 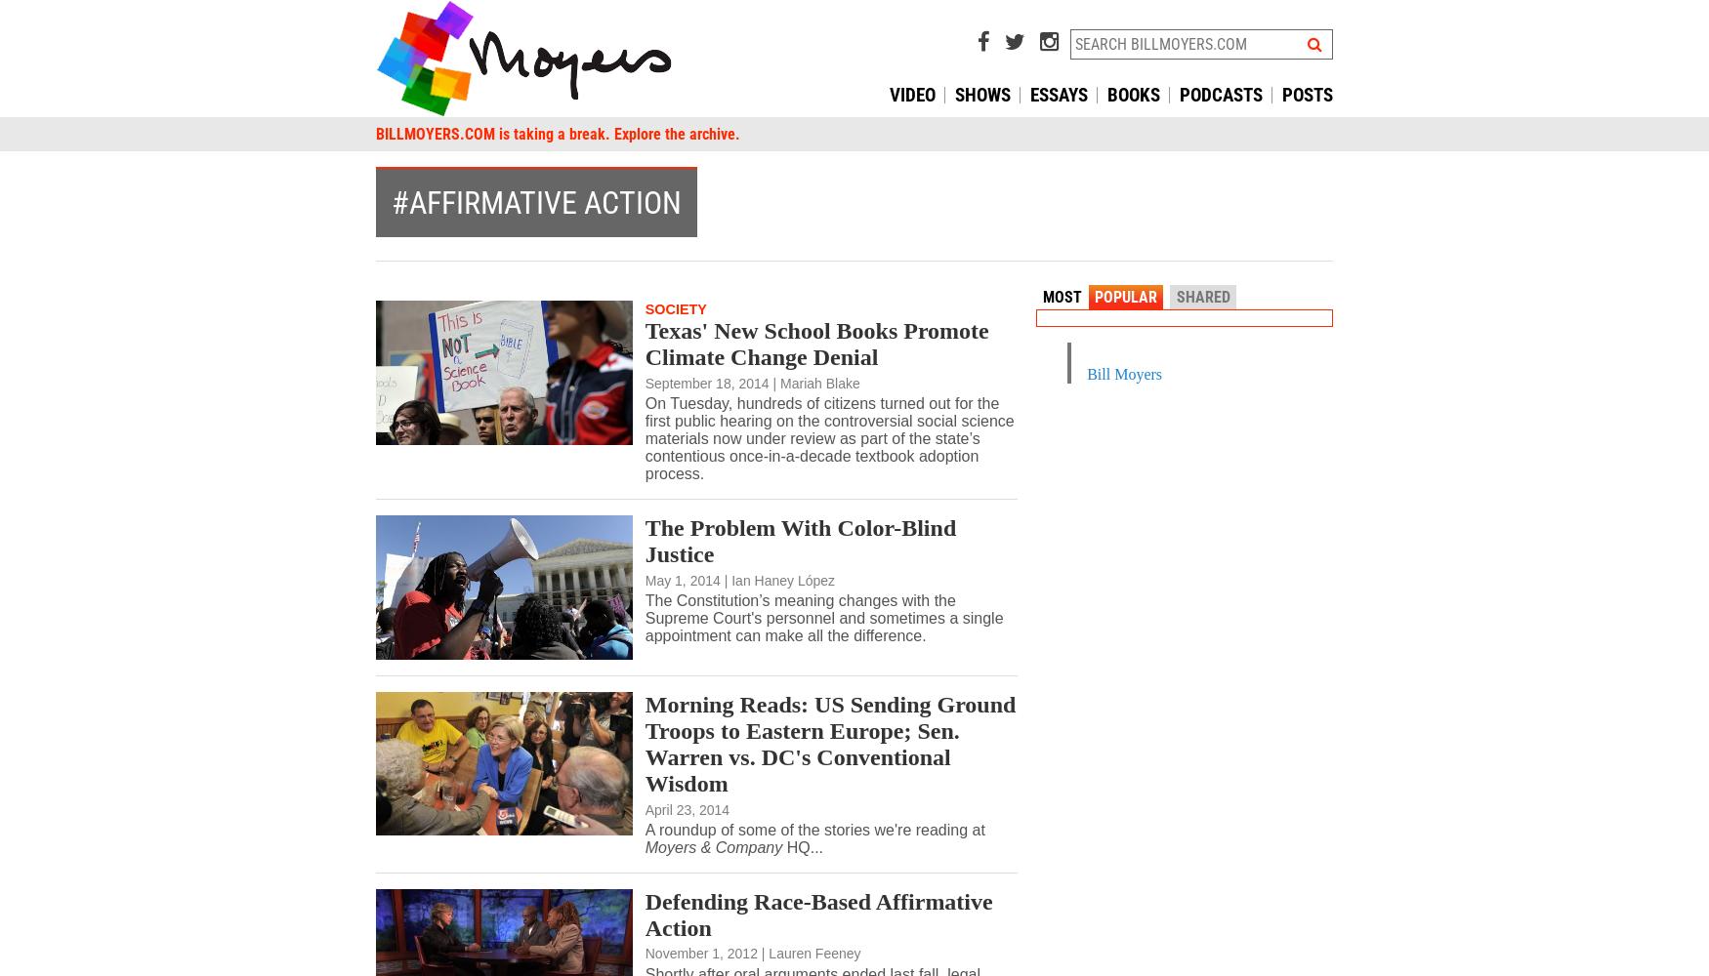 I want to click on '#affirmative action', so click(x=535, y=202).